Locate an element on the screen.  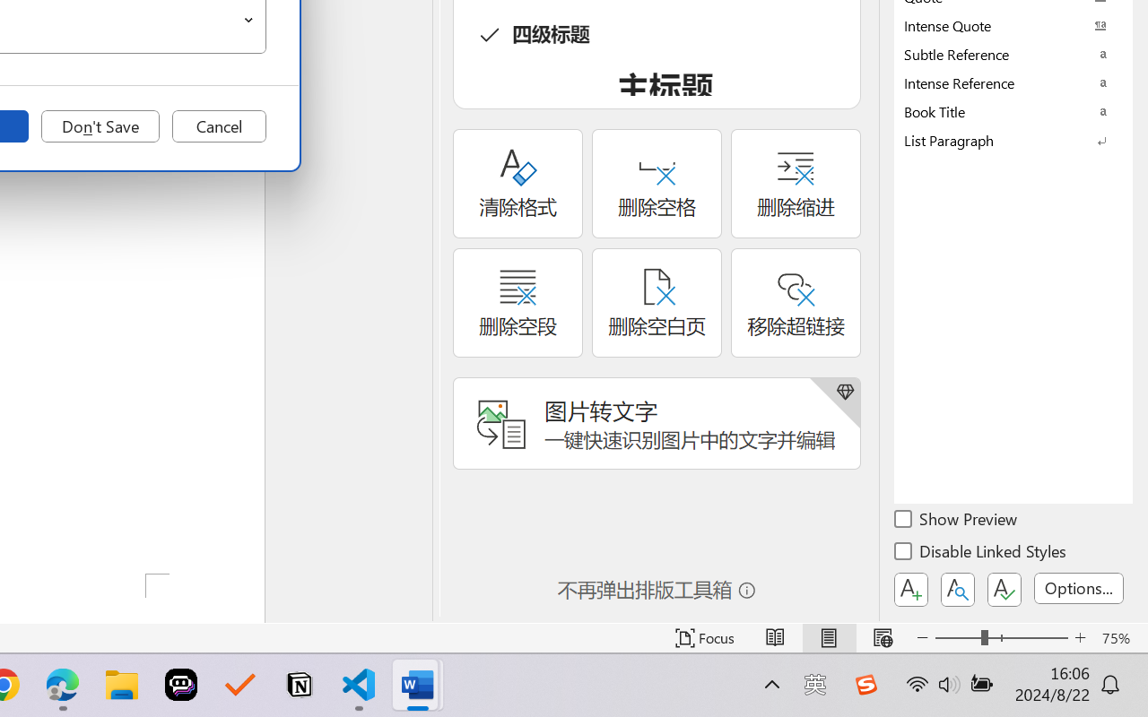
'Disable Linked Styles' is located at coordinates (981, 554).